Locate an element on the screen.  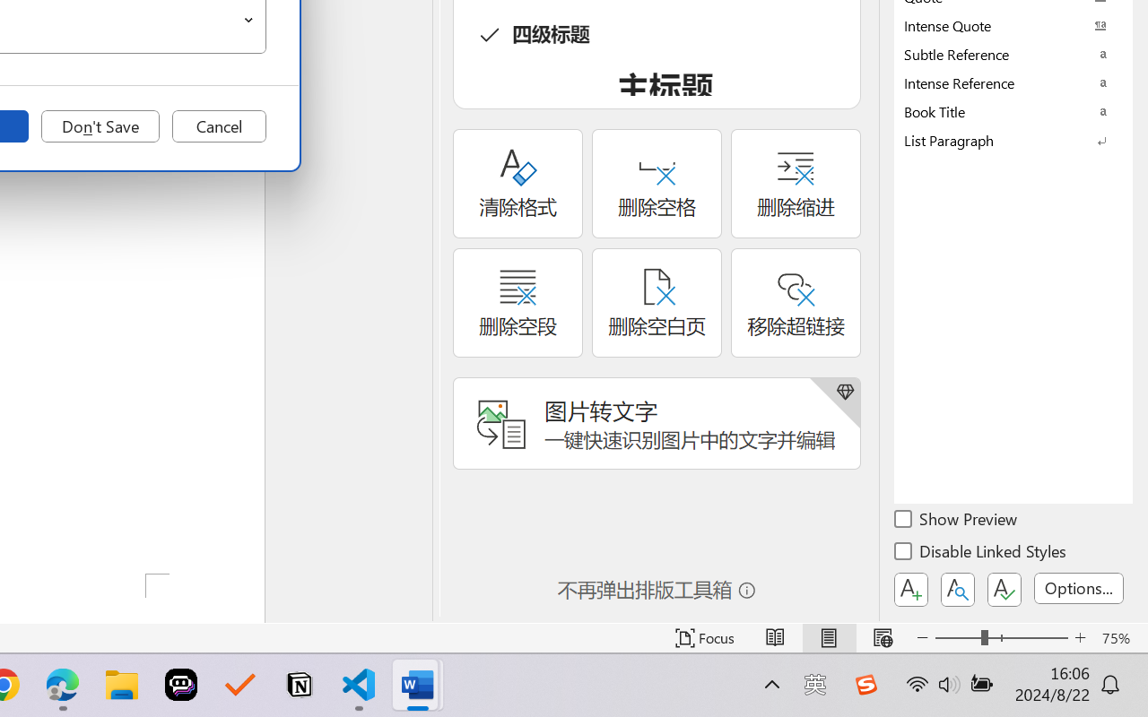
'Disable Linked Styles' is located at coordinates (981, 554).